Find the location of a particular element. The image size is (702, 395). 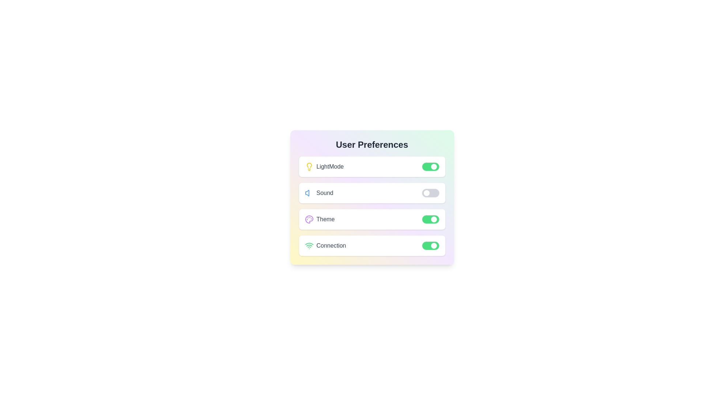

the circular icon resembling an artist's palette with a purple hue, located in the third row of the 'User Preferences' section next to the 'Theme' label is located at coordinates (309, 219).